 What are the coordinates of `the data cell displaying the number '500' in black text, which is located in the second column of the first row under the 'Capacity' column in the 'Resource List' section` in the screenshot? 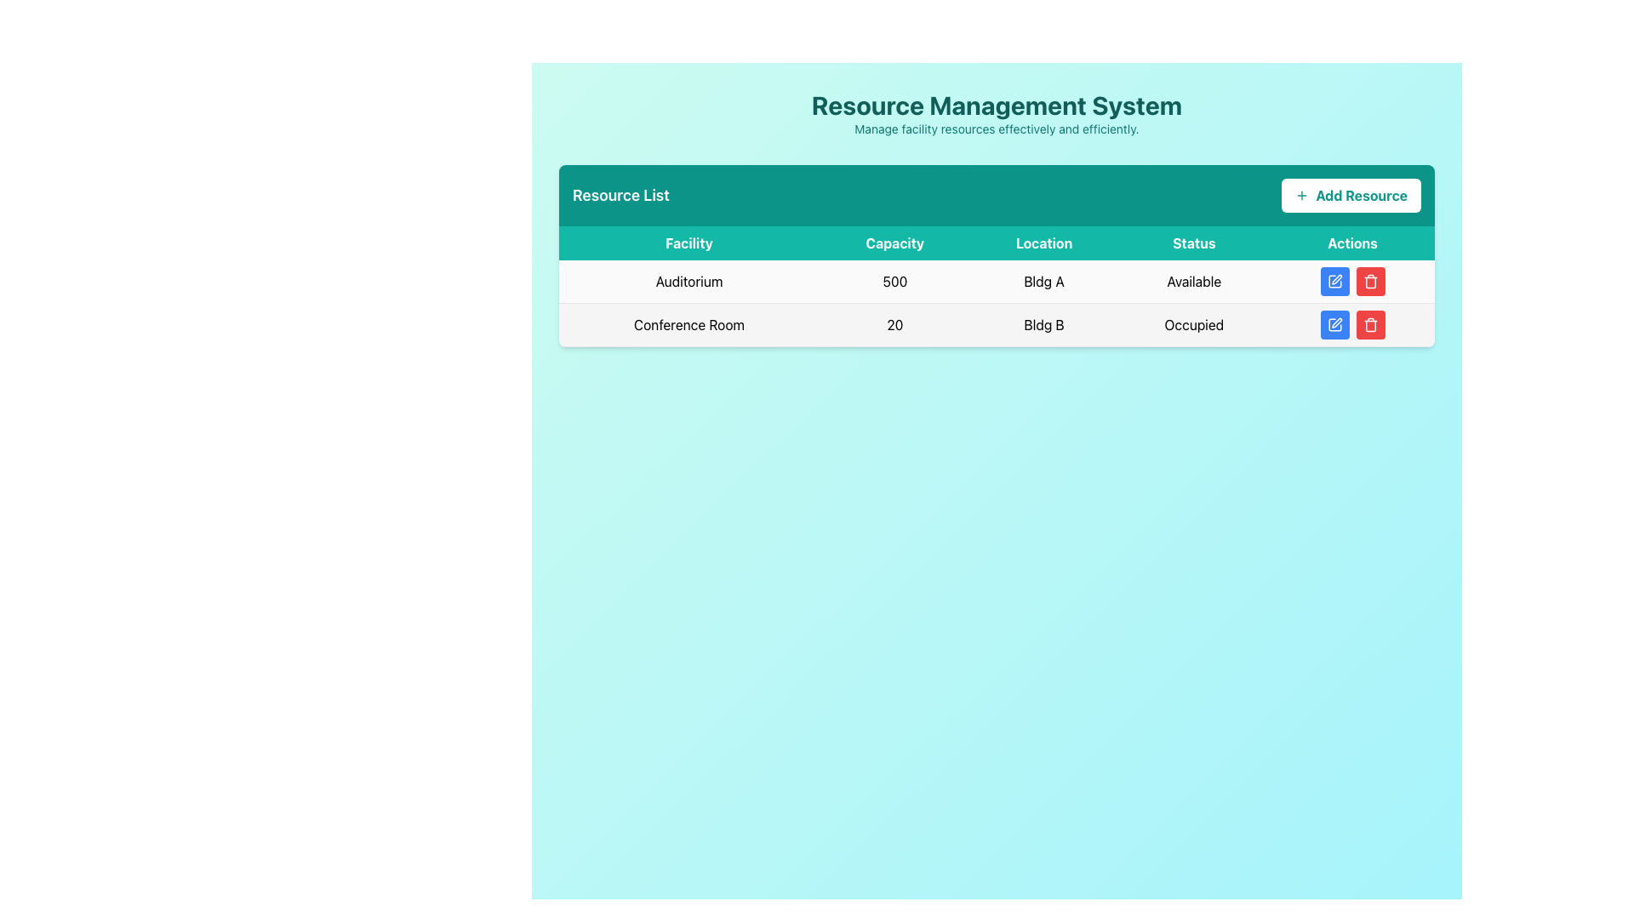 It's located at (894, 281).